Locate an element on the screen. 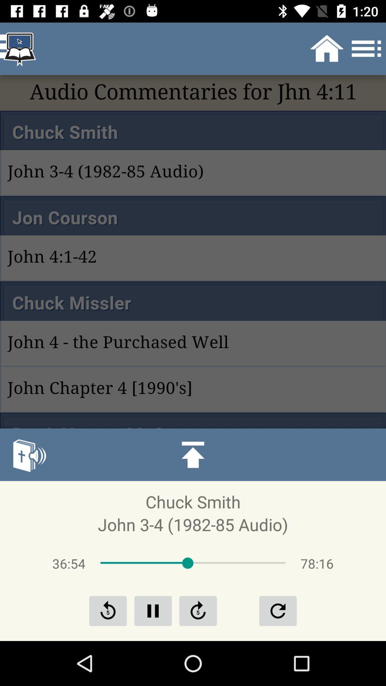 The image size is (386, 686). icon above the chuck smith is located at coordinates (29, 454).